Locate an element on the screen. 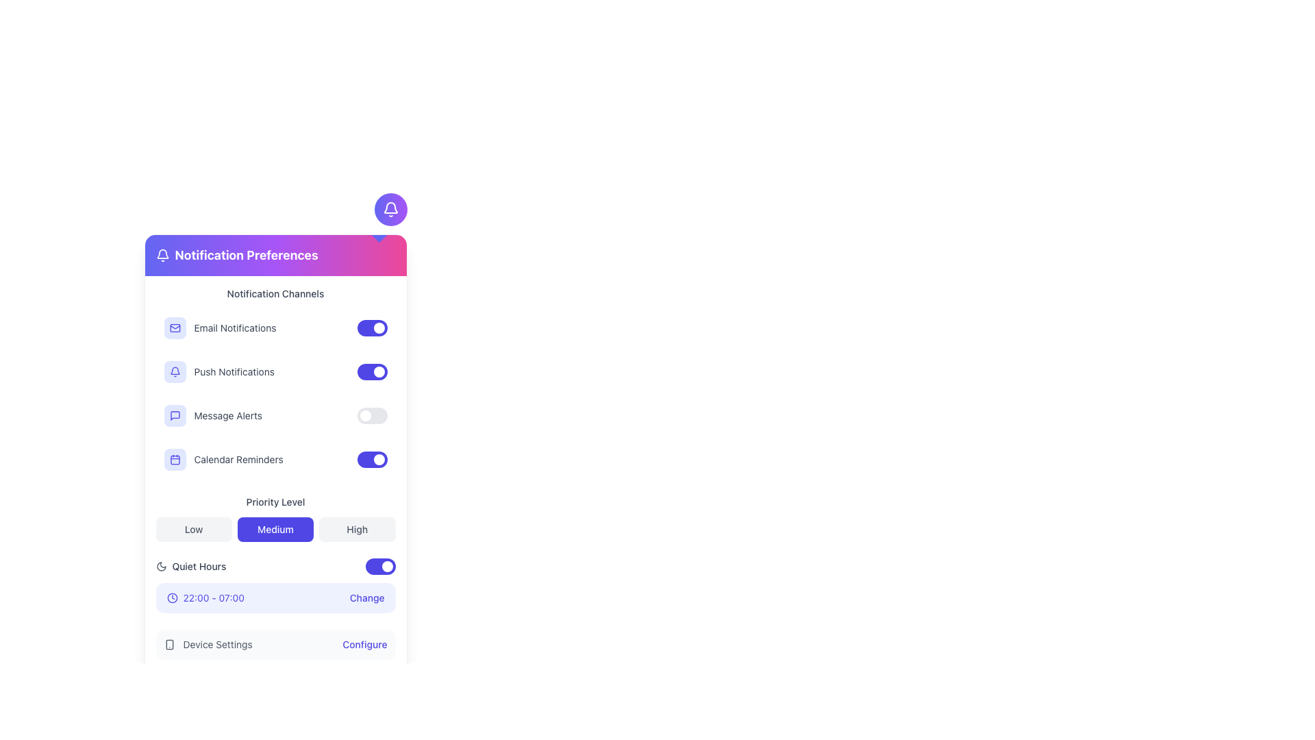 The height and width of the screenshot is (740, 1315). the 'Push Notifications' label with a bell icon, which is the second entry in the 'Notification Preferences' panel, located below 'Email Notifications' and above 'Message Alerts' is located at coordinates (219, 372).